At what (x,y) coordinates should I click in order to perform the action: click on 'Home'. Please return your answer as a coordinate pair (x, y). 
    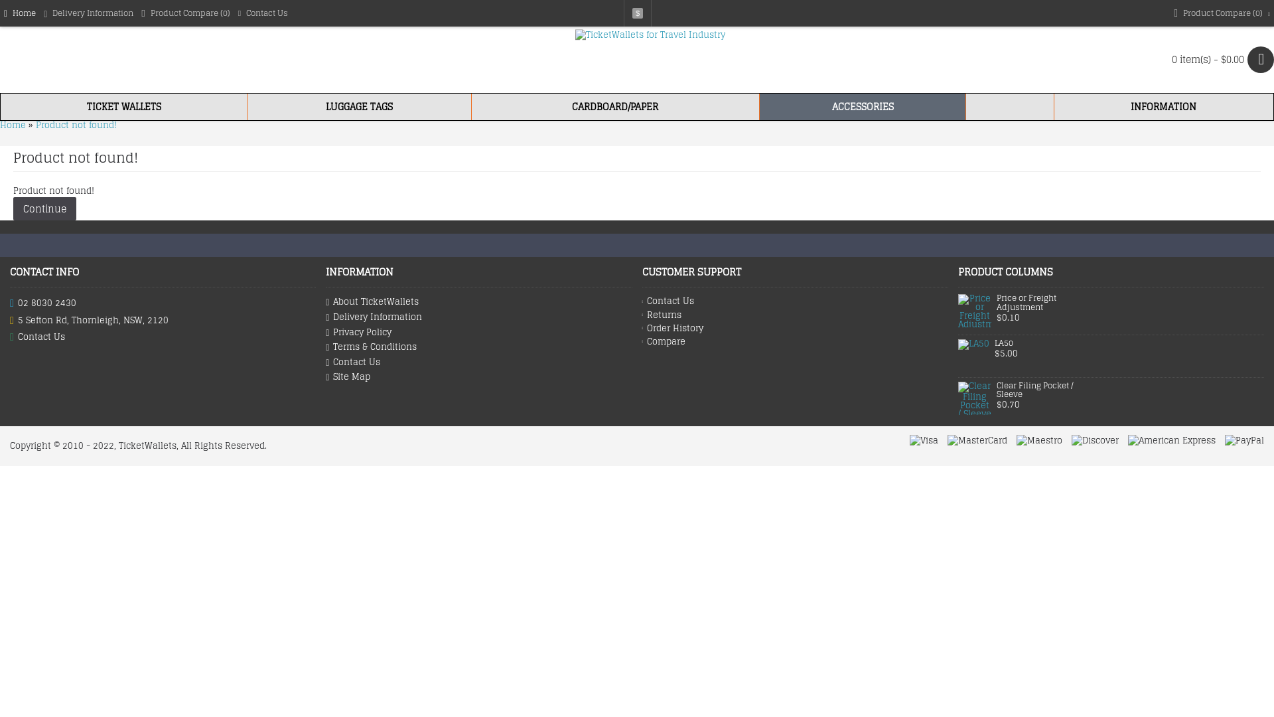
    Looking at the image, I should click on (0, 125).